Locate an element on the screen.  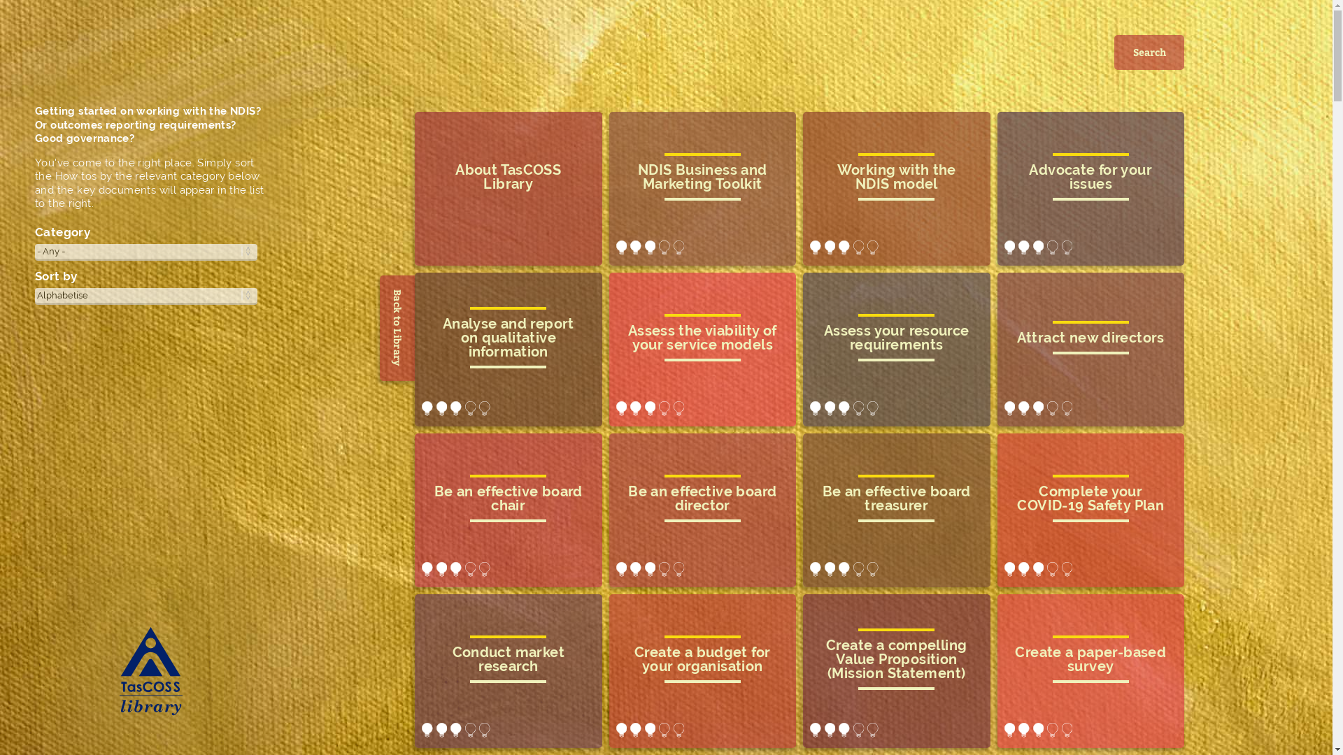
'Search' is located at coordinates (1149, 51).